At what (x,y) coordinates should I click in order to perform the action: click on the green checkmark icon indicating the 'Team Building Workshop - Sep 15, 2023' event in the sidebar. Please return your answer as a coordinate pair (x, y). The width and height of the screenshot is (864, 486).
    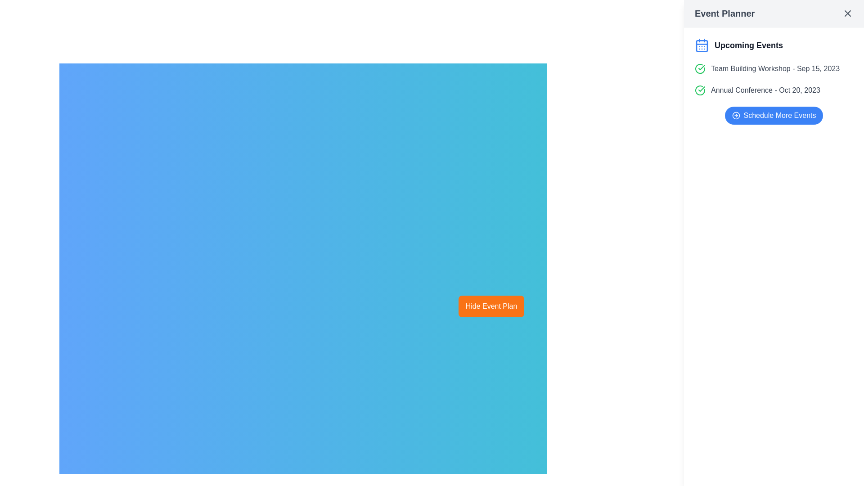
    Looking at the image, I should click on (701, 89).